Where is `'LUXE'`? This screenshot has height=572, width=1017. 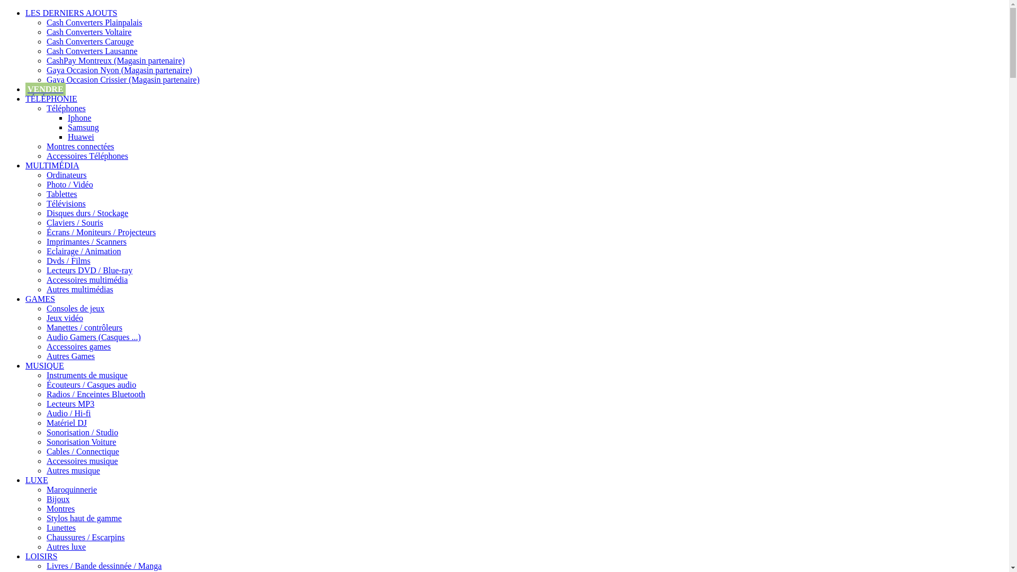
'LUXE' is located at coordinates (37, 480).